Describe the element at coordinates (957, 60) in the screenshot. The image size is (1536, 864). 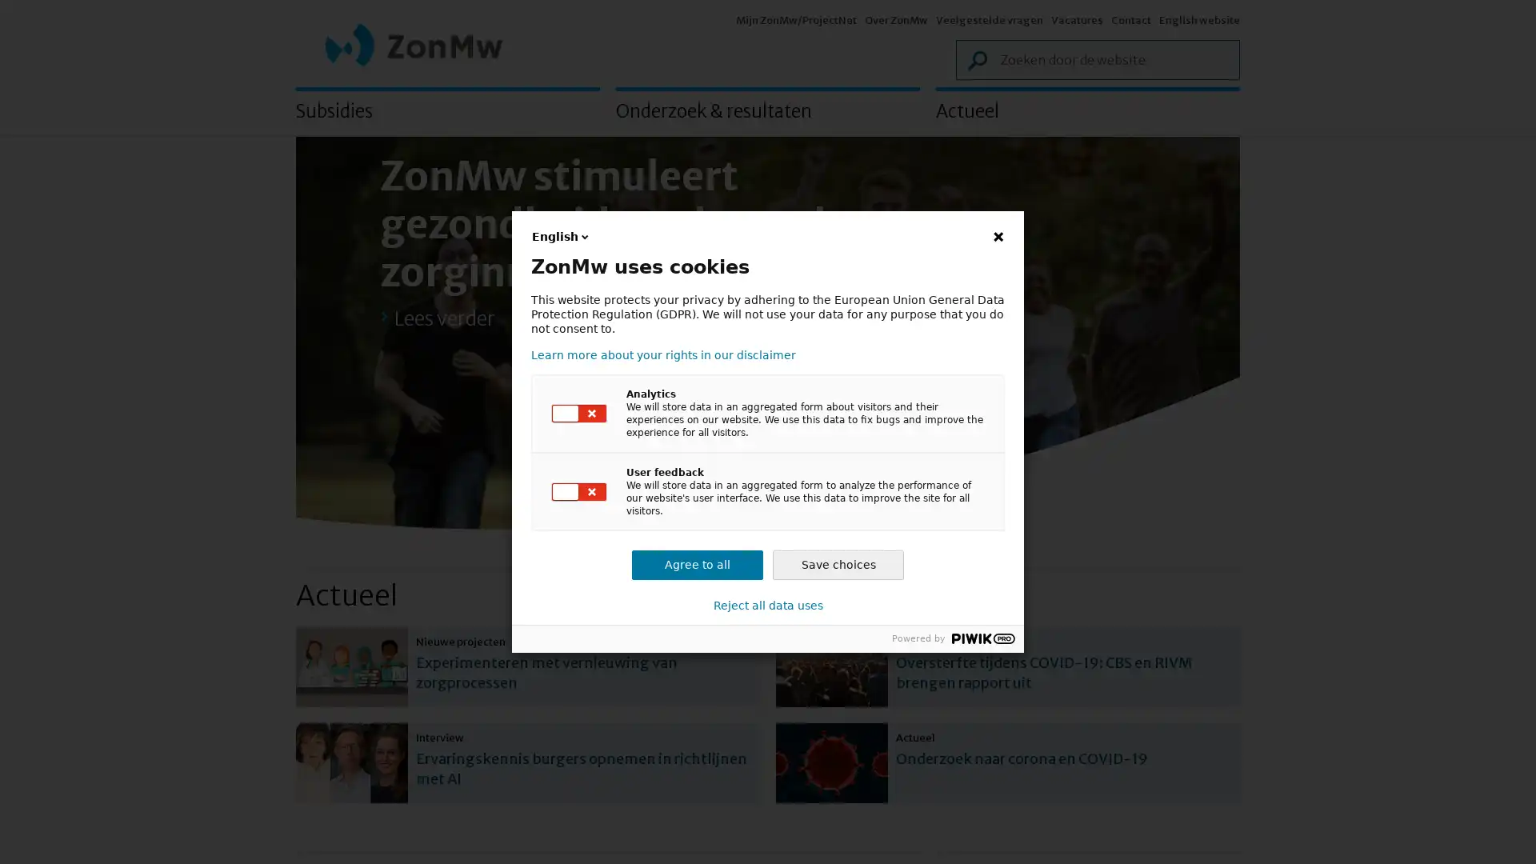
I see `Zoek` at that location.